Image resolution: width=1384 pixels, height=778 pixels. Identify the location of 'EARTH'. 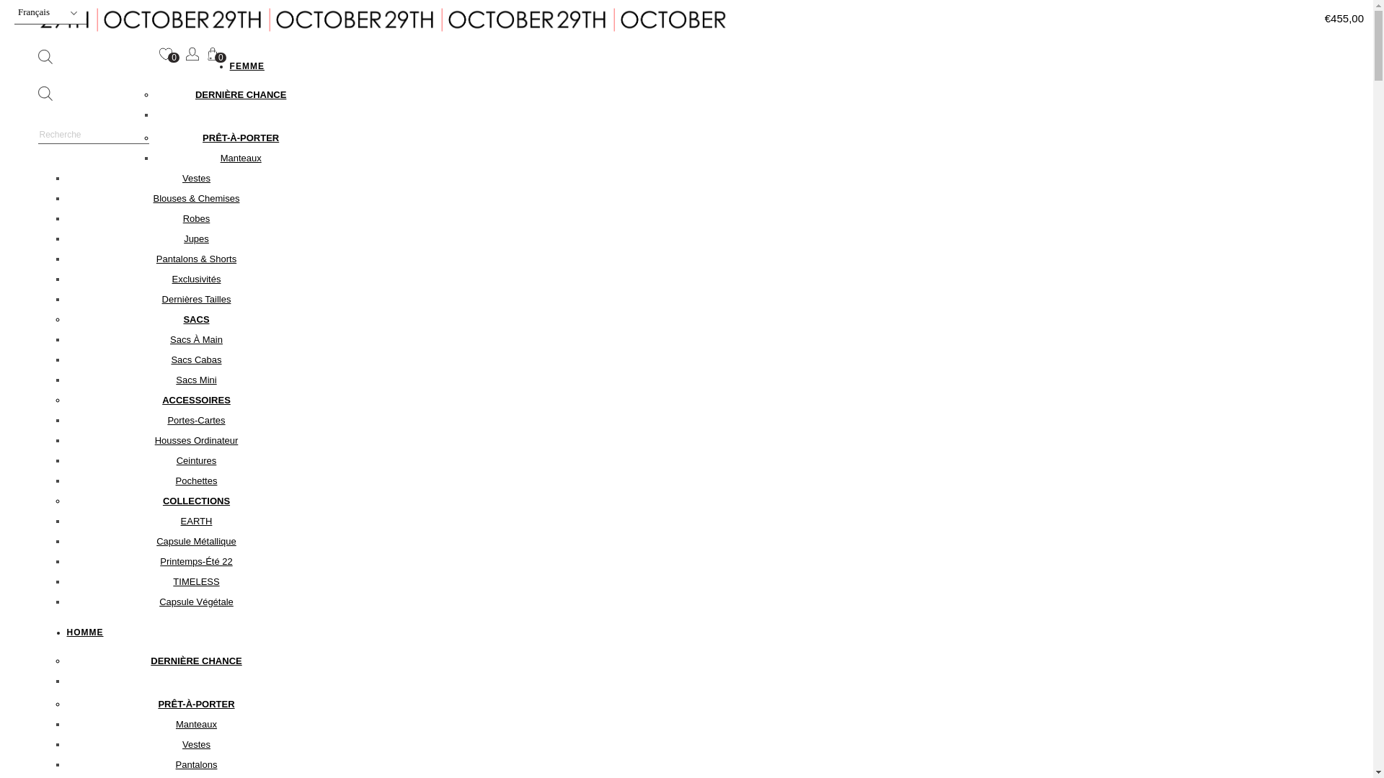
(196, 521).